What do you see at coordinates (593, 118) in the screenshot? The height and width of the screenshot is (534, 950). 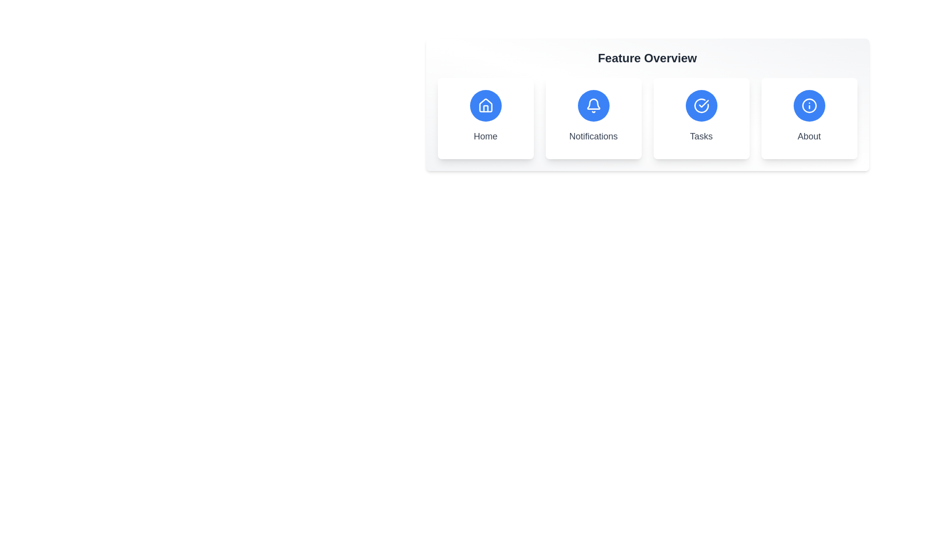 I see `the second interactive card in the grid layout, which serves as a shortcut` at bounding box center [593, 118].